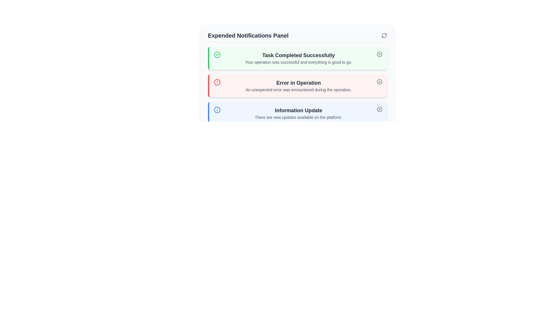  Describe the element at coordinates (297, 86) in the screenshot. I see `the second notification message in the 'Expanded Notifications Panel'` at that location.